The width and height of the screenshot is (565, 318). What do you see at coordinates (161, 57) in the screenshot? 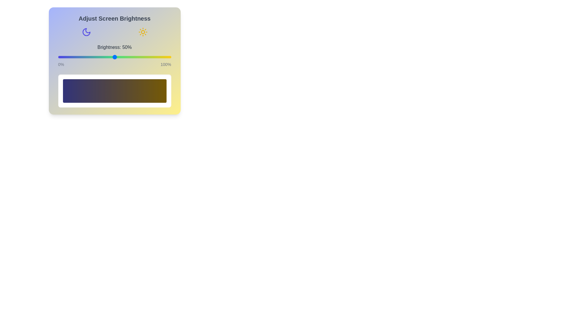
I see `the brightness to 91% using the slider` at bounding box center [161, 57].